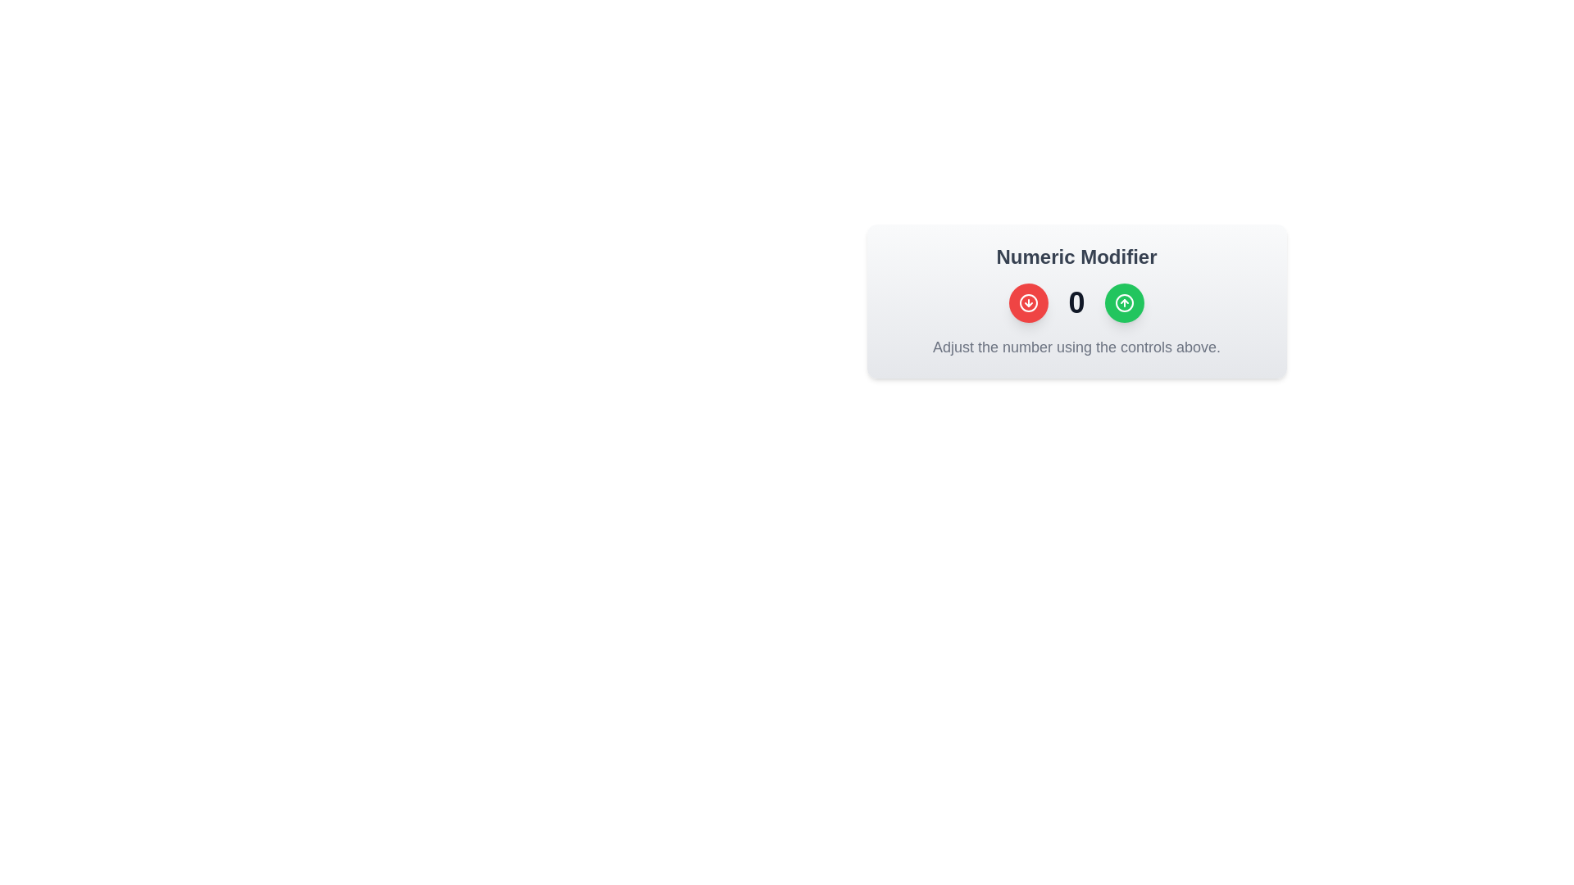 This screenshot has width=1574, height=885. What do you see at coordinates (1076, 301) in the screenshot?
I see `the green circular button on the Interactive numeric control widget to increase the numeric value` at bounding box center [1076, 301].